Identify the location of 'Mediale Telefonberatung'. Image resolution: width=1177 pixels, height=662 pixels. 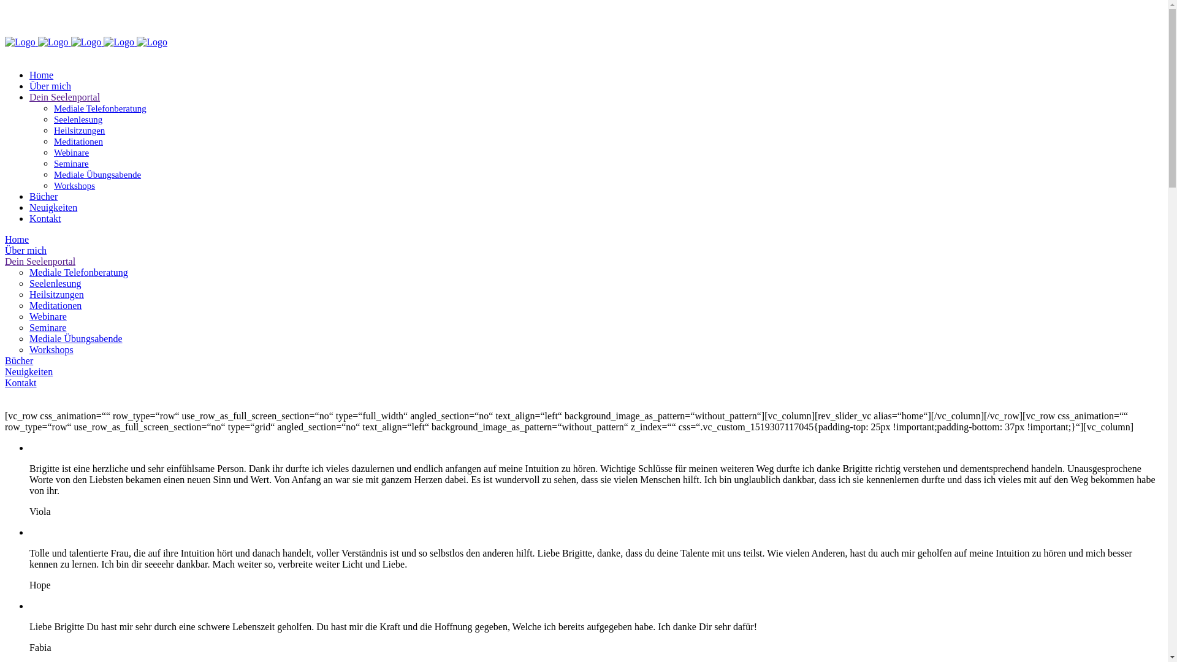
(78, 272).